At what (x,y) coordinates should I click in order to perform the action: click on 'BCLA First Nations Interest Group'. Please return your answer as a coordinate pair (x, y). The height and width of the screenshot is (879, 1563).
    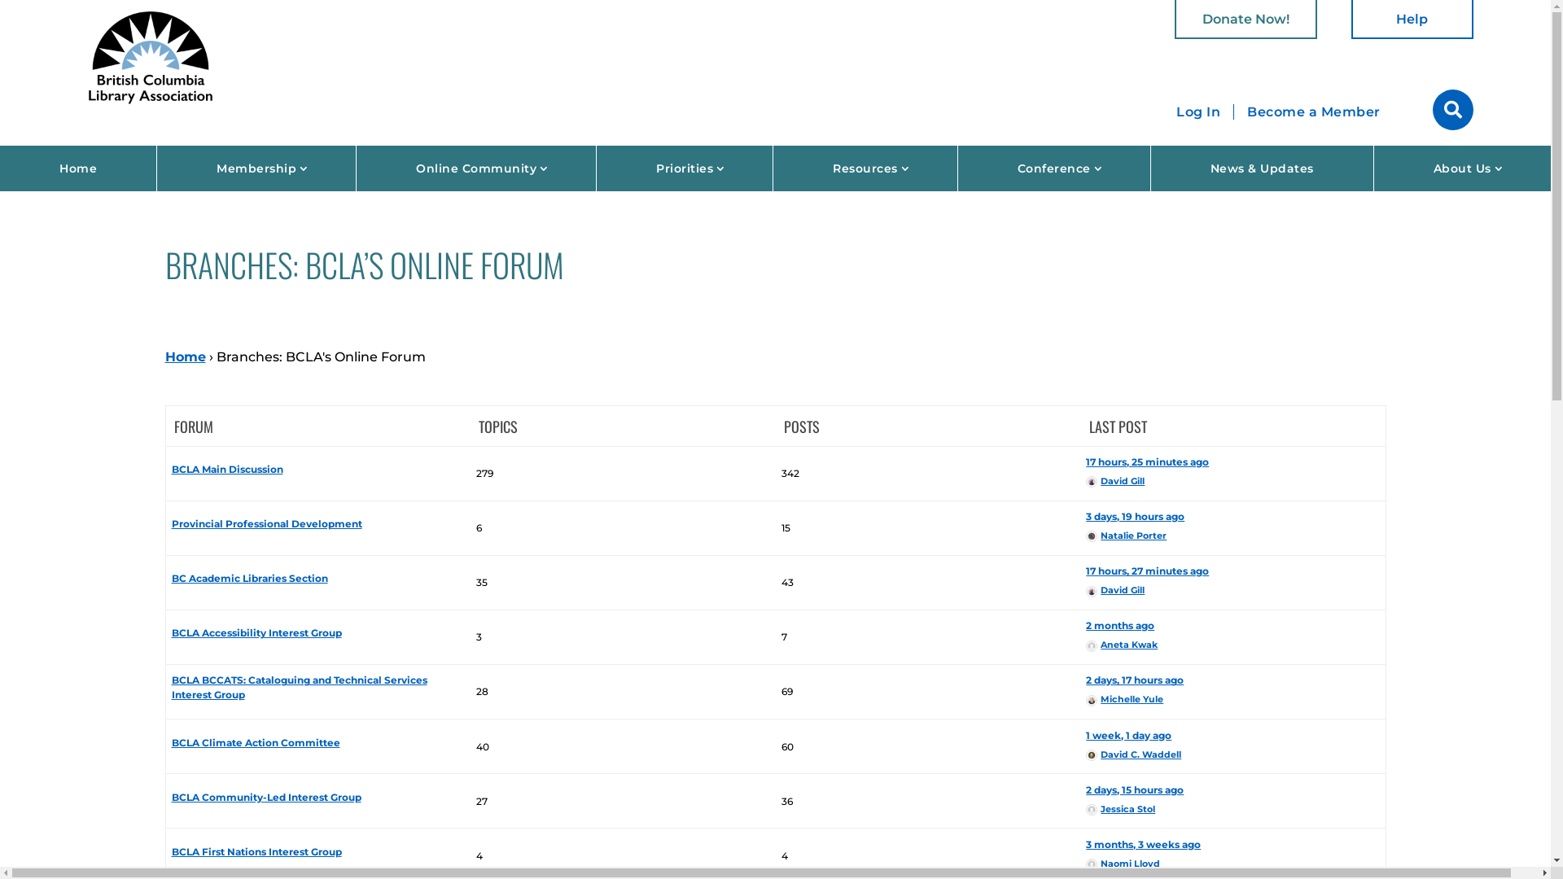
    Looking at the image, I should click on (256, 851).